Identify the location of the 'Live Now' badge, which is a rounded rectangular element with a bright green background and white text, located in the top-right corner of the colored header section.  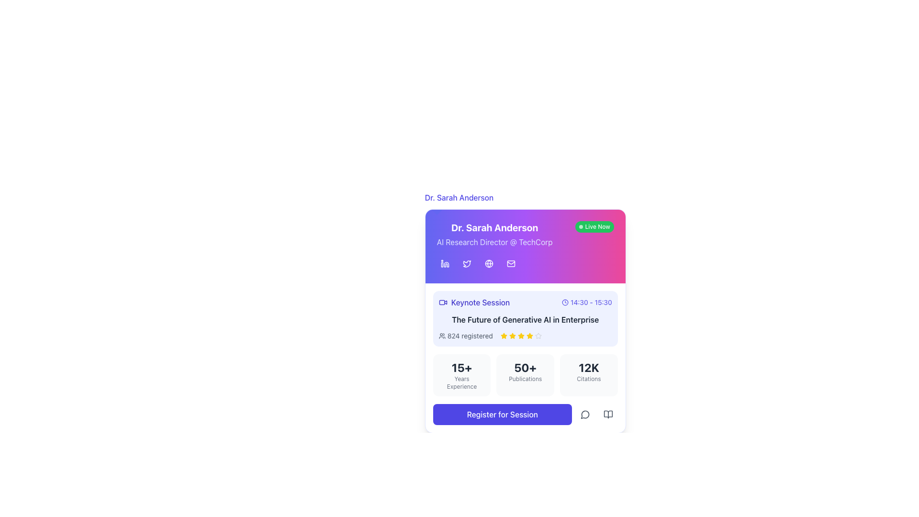
(594, 227).